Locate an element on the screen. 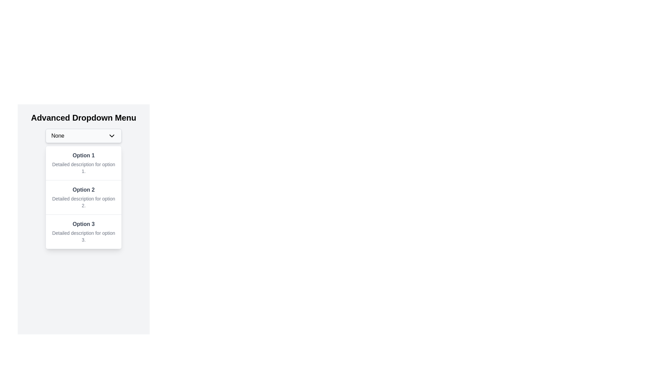 Image resolution: width=653 pixels, height=367 pixels. the second selectable card in the dropdown menu that displays 'Option 2' with a detailed description below it is located at coordinates (83, 197).